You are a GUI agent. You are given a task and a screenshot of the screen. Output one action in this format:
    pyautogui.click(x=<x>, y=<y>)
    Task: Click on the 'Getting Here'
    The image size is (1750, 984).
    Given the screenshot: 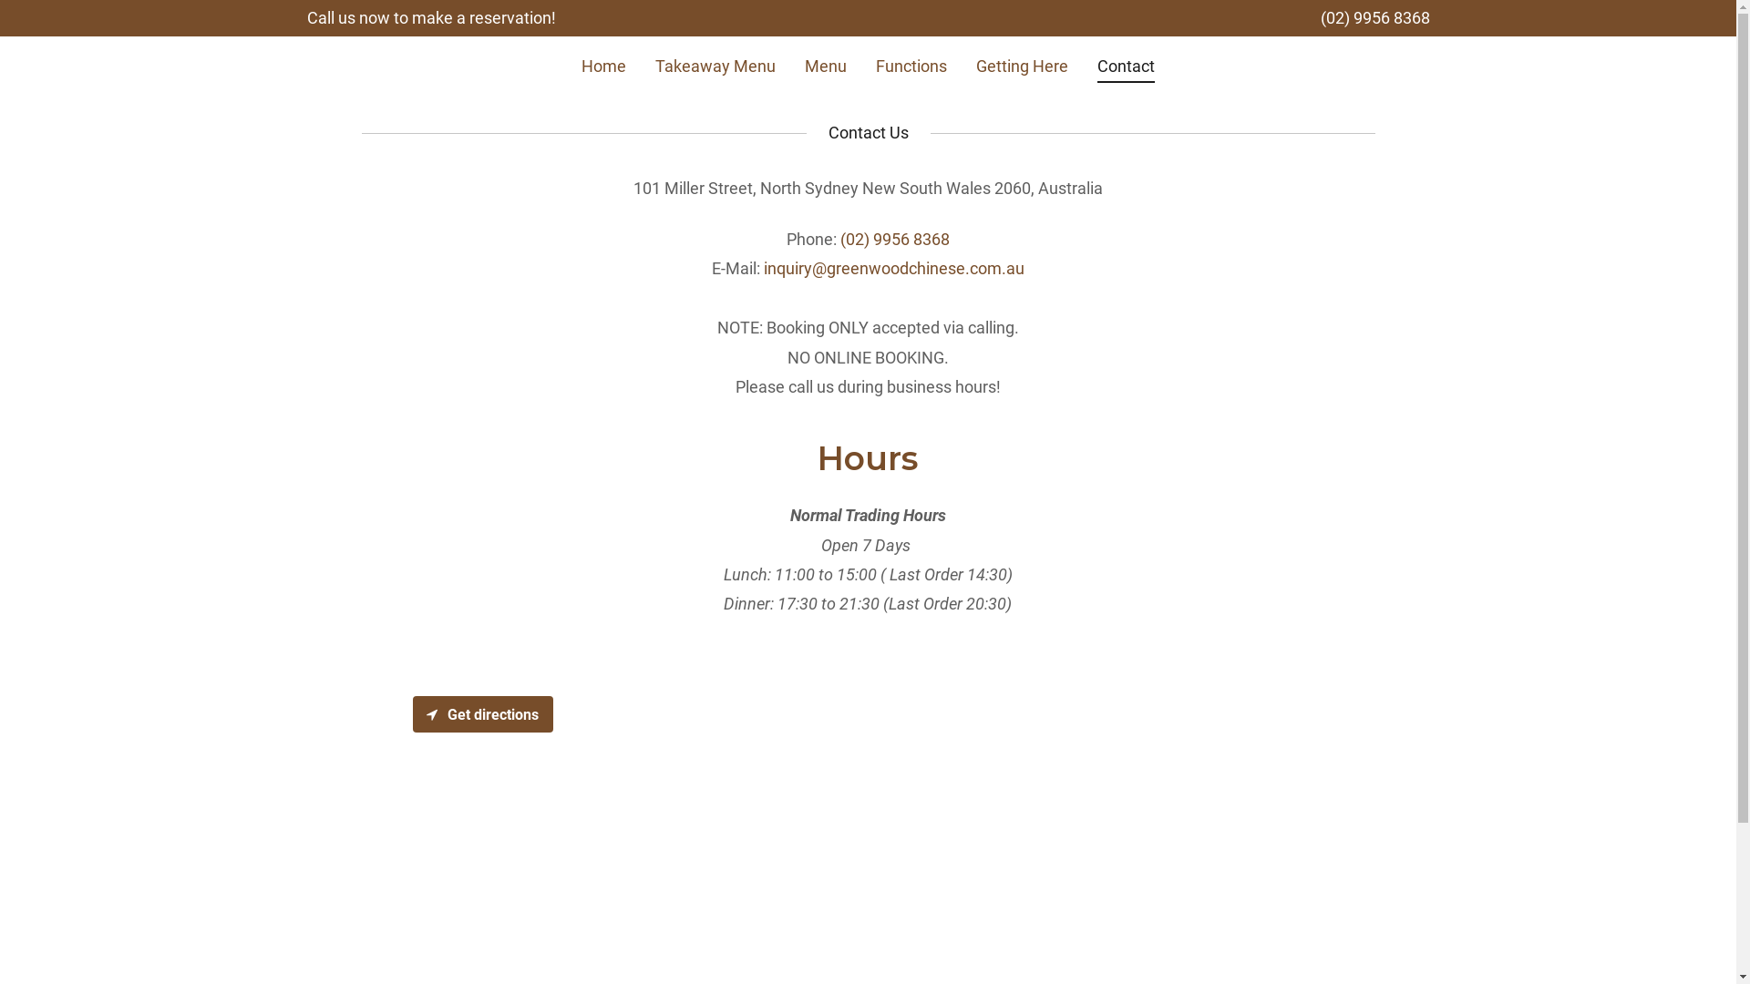 What is the action you would take?
    pyautogui.click(x=970, y=65)
    